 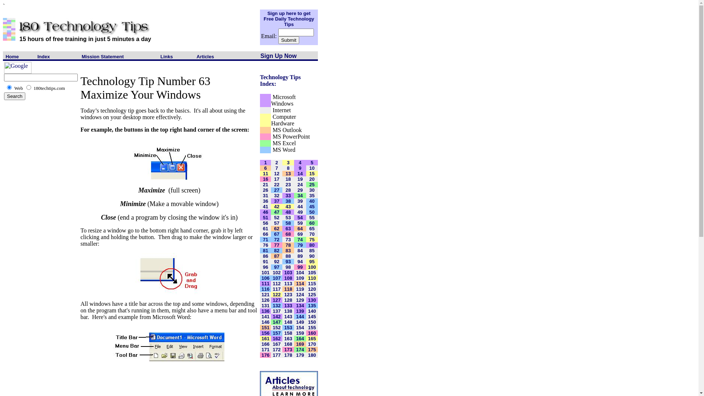 What do you see at coordinates (265, 223) in the screenshot?
I see `'56'` at bounding box center [265, 223].